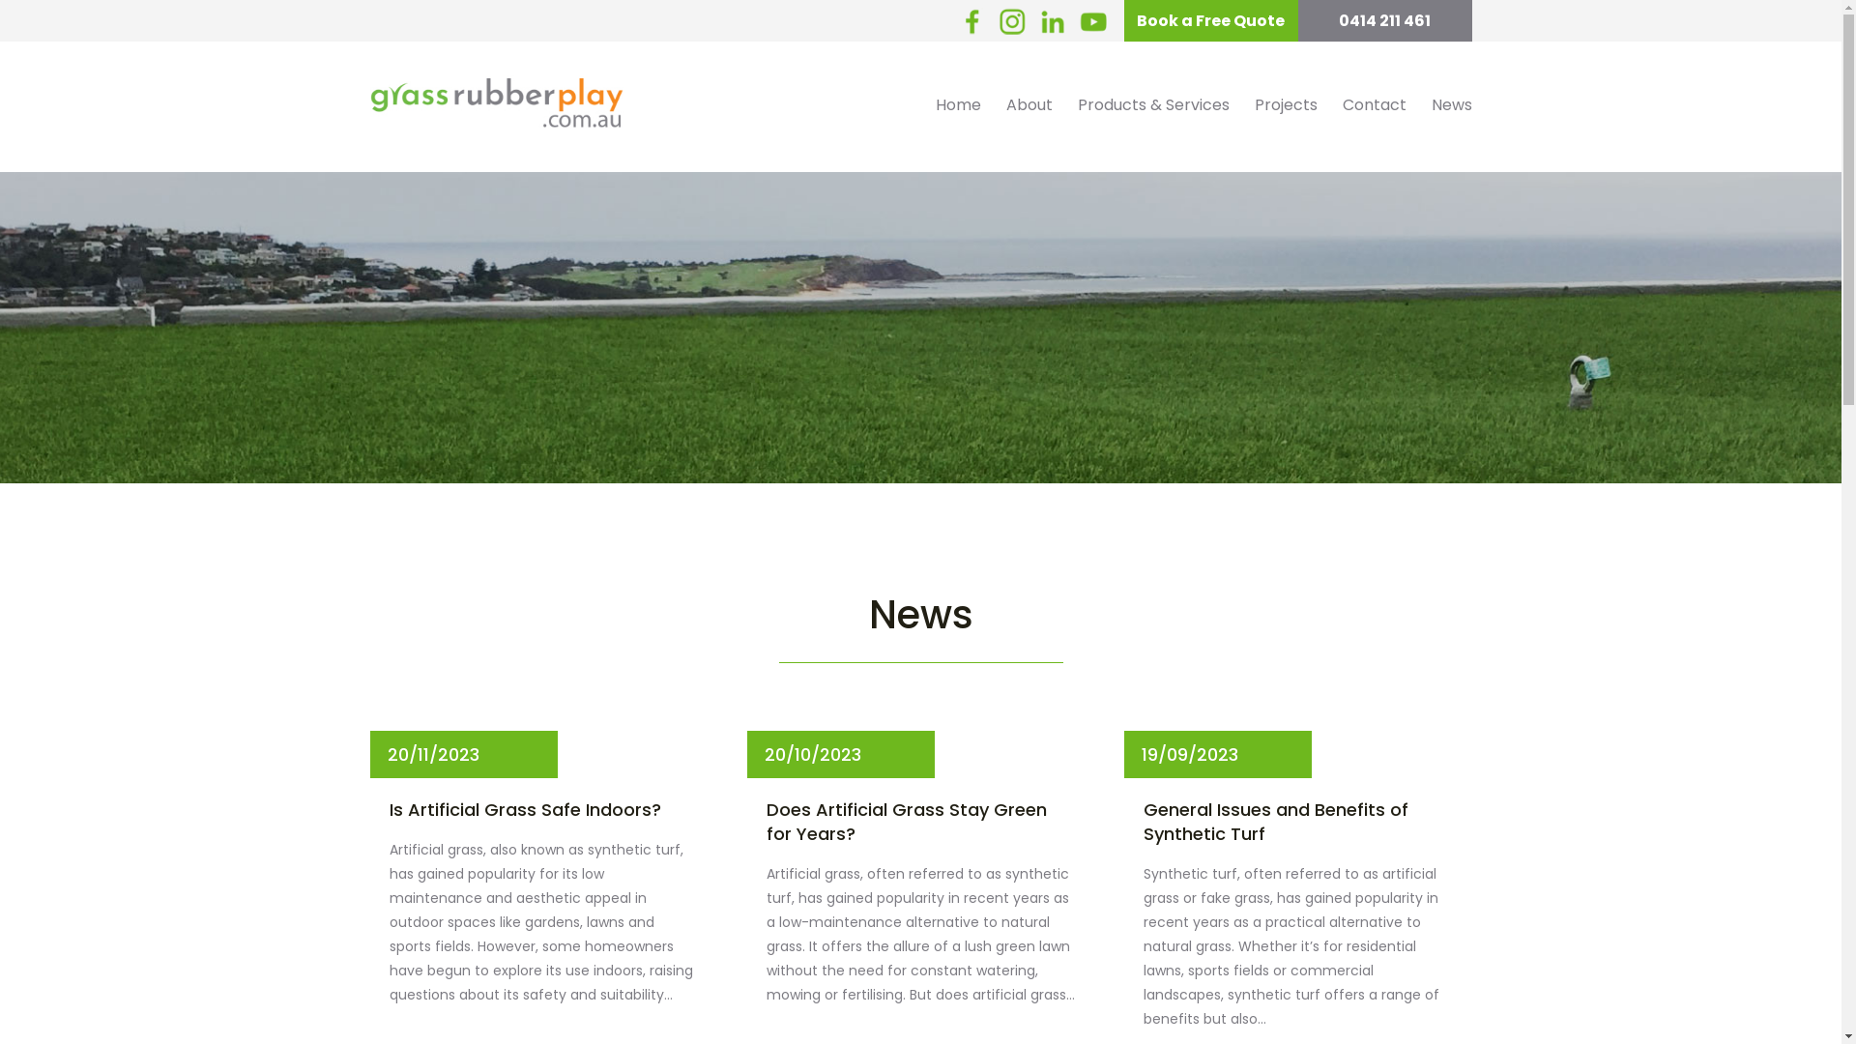 The height and width of the screenshot is (1044, 1856). Describe the element at coordinates (918, 821) in the screenshot. I see `'Does Artificial Grass Stay Green for Years?'` at that location.